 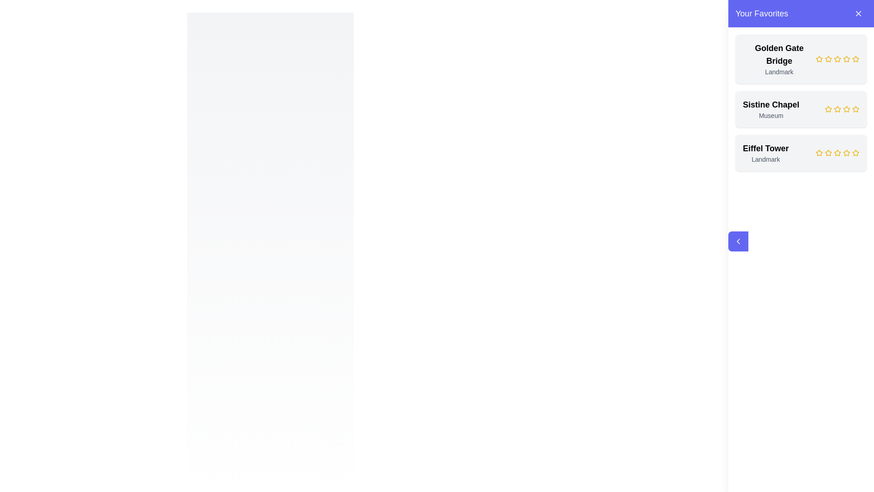 What do you see at coordinates (819, 152) in the screenshot?
I see `the first star icon next to the 'Eiffel Tower' entry in the 'Your Favorites' panel to rate it` at bounding box center [819, 152].